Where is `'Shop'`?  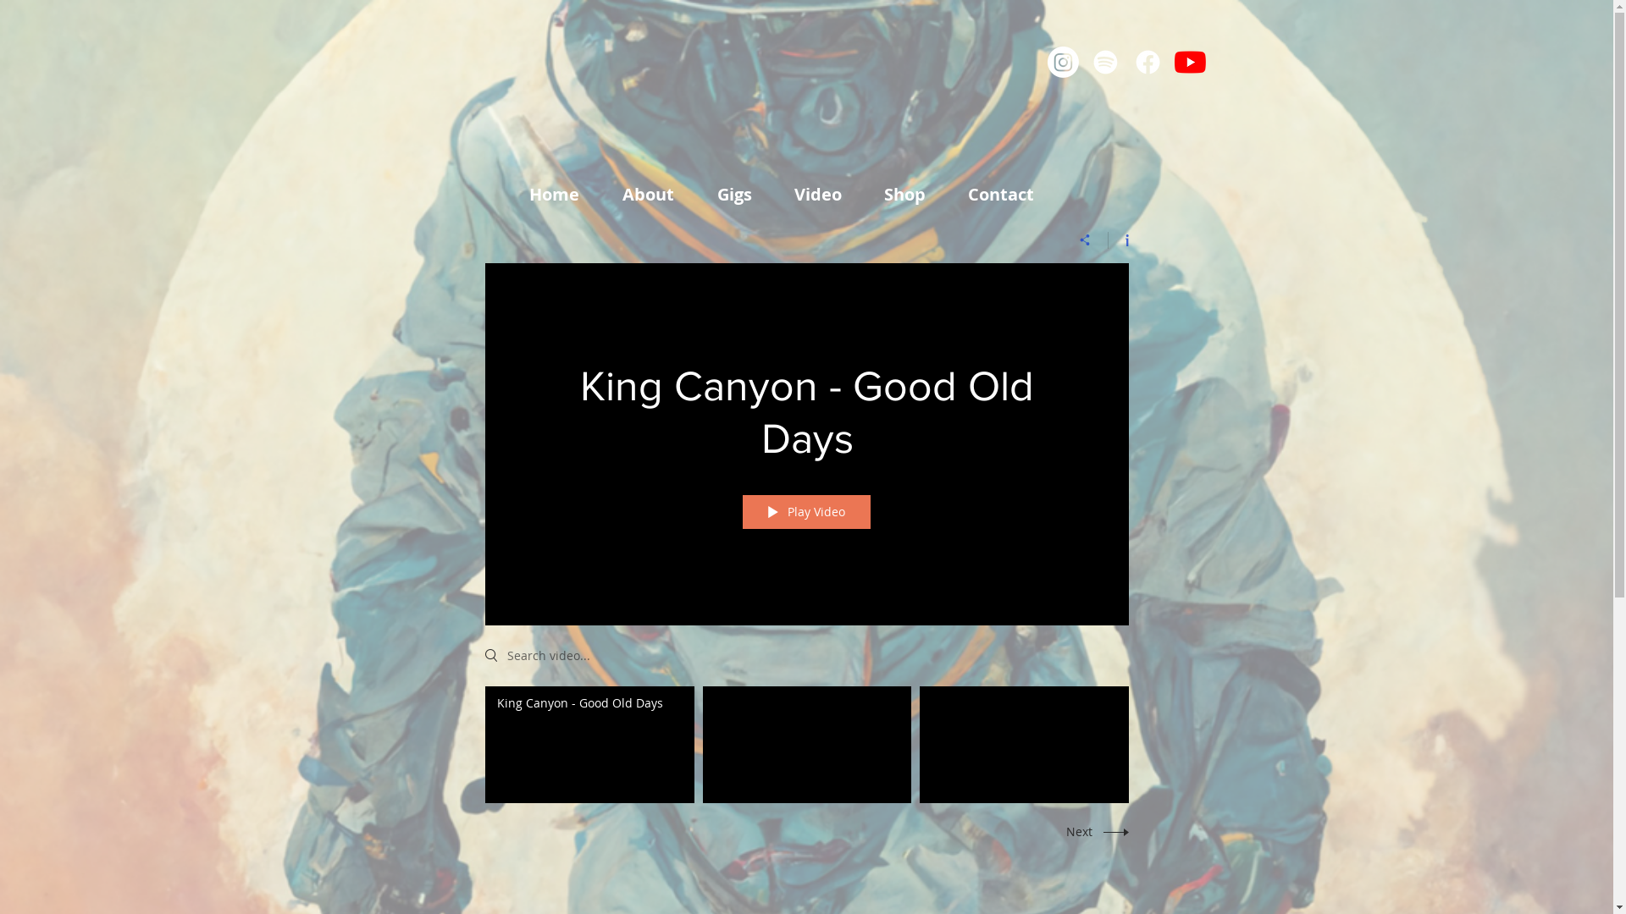 'Shop' is located at coordinates (911, 194).